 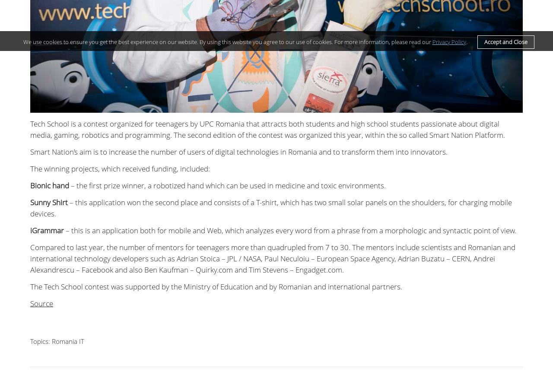 What do you see at coordinates (22, 41) in the screenshot?
I see `'We use cookies to ensure you get the best experience on our website. By using this website you agree to our use of cookies. For more information, please read our'` at bounding box center [22, 41].